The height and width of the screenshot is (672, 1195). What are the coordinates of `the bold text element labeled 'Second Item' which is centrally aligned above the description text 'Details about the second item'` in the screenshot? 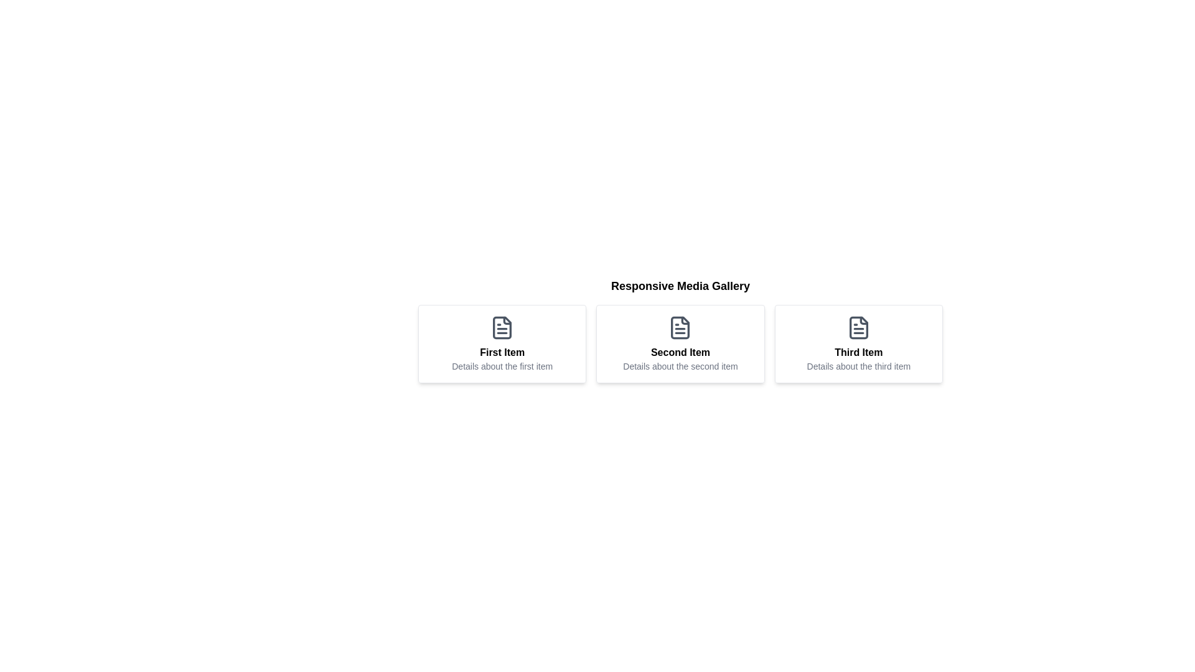 It's located at (680, 353).